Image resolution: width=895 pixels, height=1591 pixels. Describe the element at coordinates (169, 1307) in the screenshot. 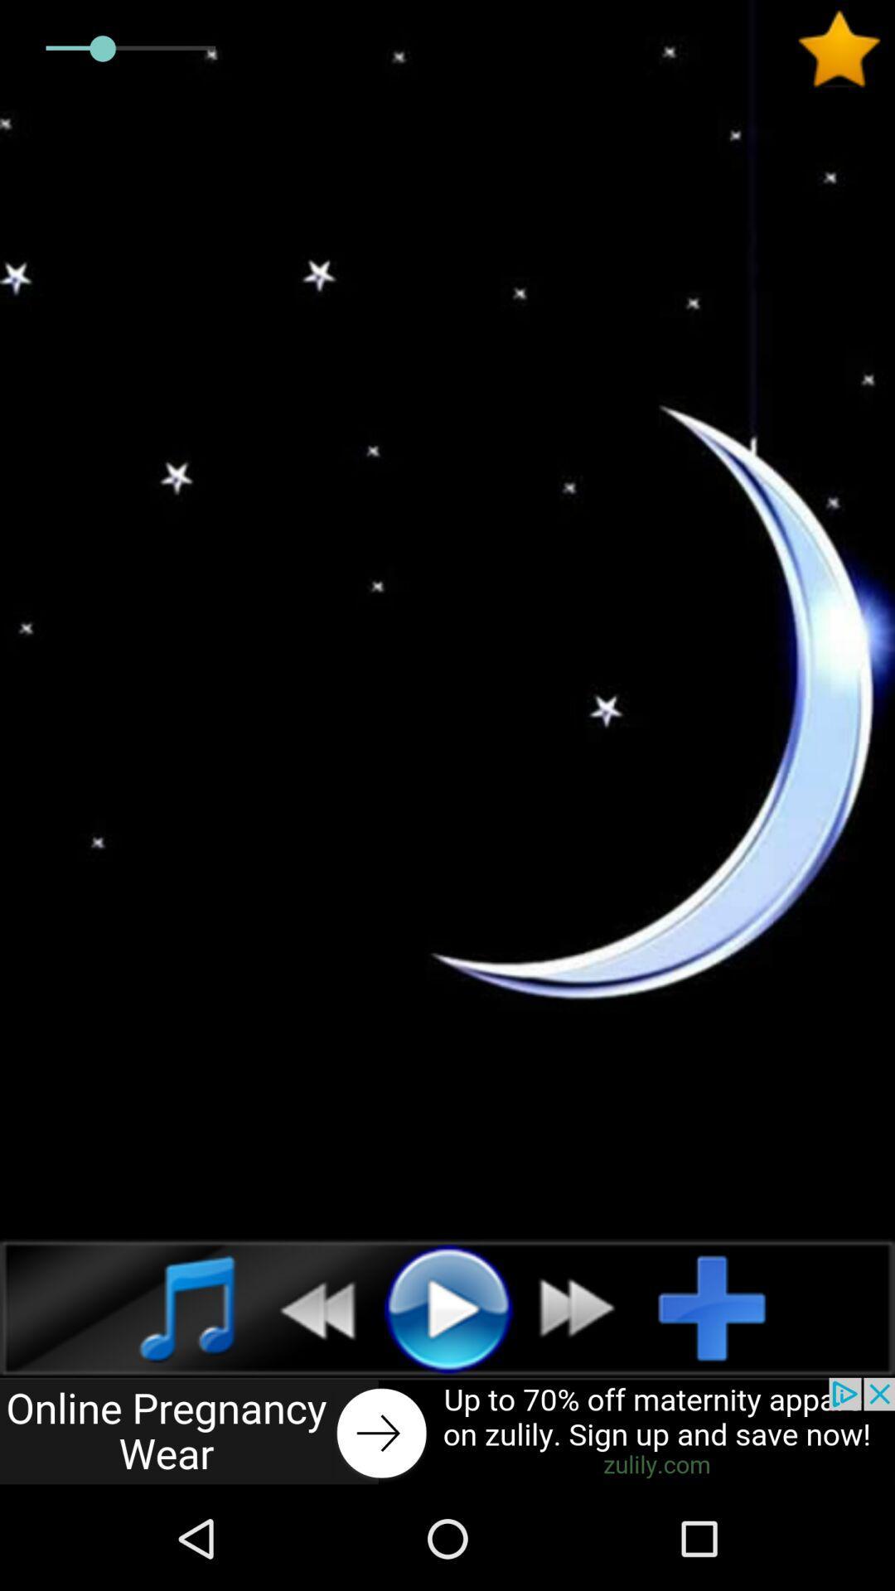

I see `music option` at that location.